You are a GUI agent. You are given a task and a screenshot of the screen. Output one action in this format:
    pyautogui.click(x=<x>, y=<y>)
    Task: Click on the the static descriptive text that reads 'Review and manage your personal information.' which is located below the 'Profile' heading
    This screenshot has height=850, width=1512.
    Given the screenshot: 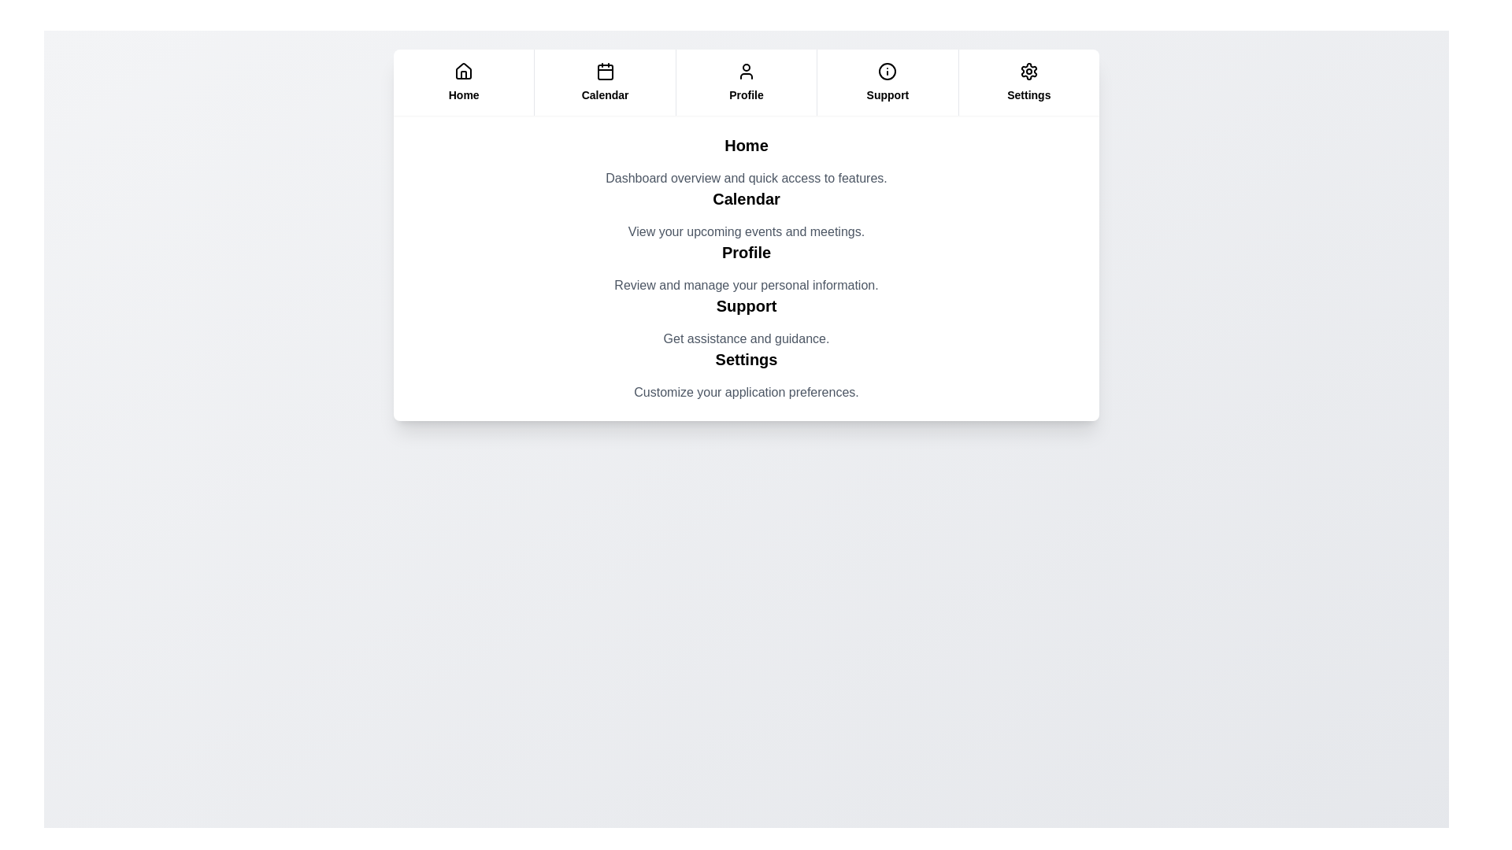 What is the action you would take?
    pyautogui.click(x=746, y=285)
    